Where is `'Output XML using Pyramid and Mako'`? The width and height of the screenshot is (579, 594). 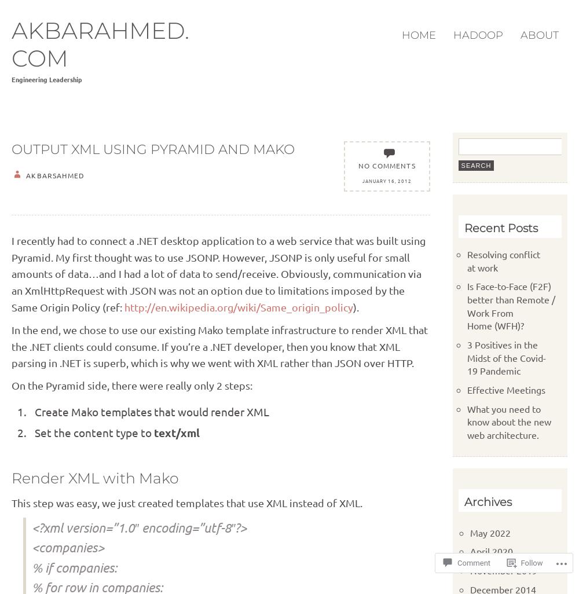 'Output XML using Pyramid and Mako' is located at coordinates (153, 148).